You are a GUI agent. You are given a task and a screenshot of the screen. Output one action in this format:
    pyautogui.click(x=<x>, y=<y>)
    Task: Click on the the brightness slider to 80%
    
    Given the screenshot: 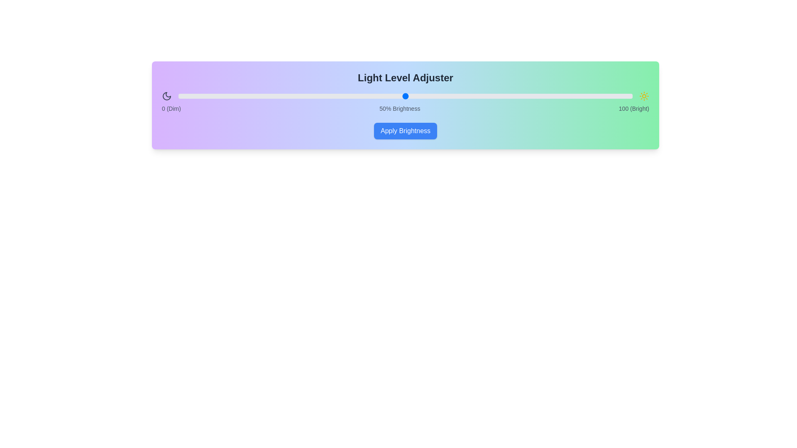 What is the action you would take?
    pyautogui.click(x=542, y=95)
    